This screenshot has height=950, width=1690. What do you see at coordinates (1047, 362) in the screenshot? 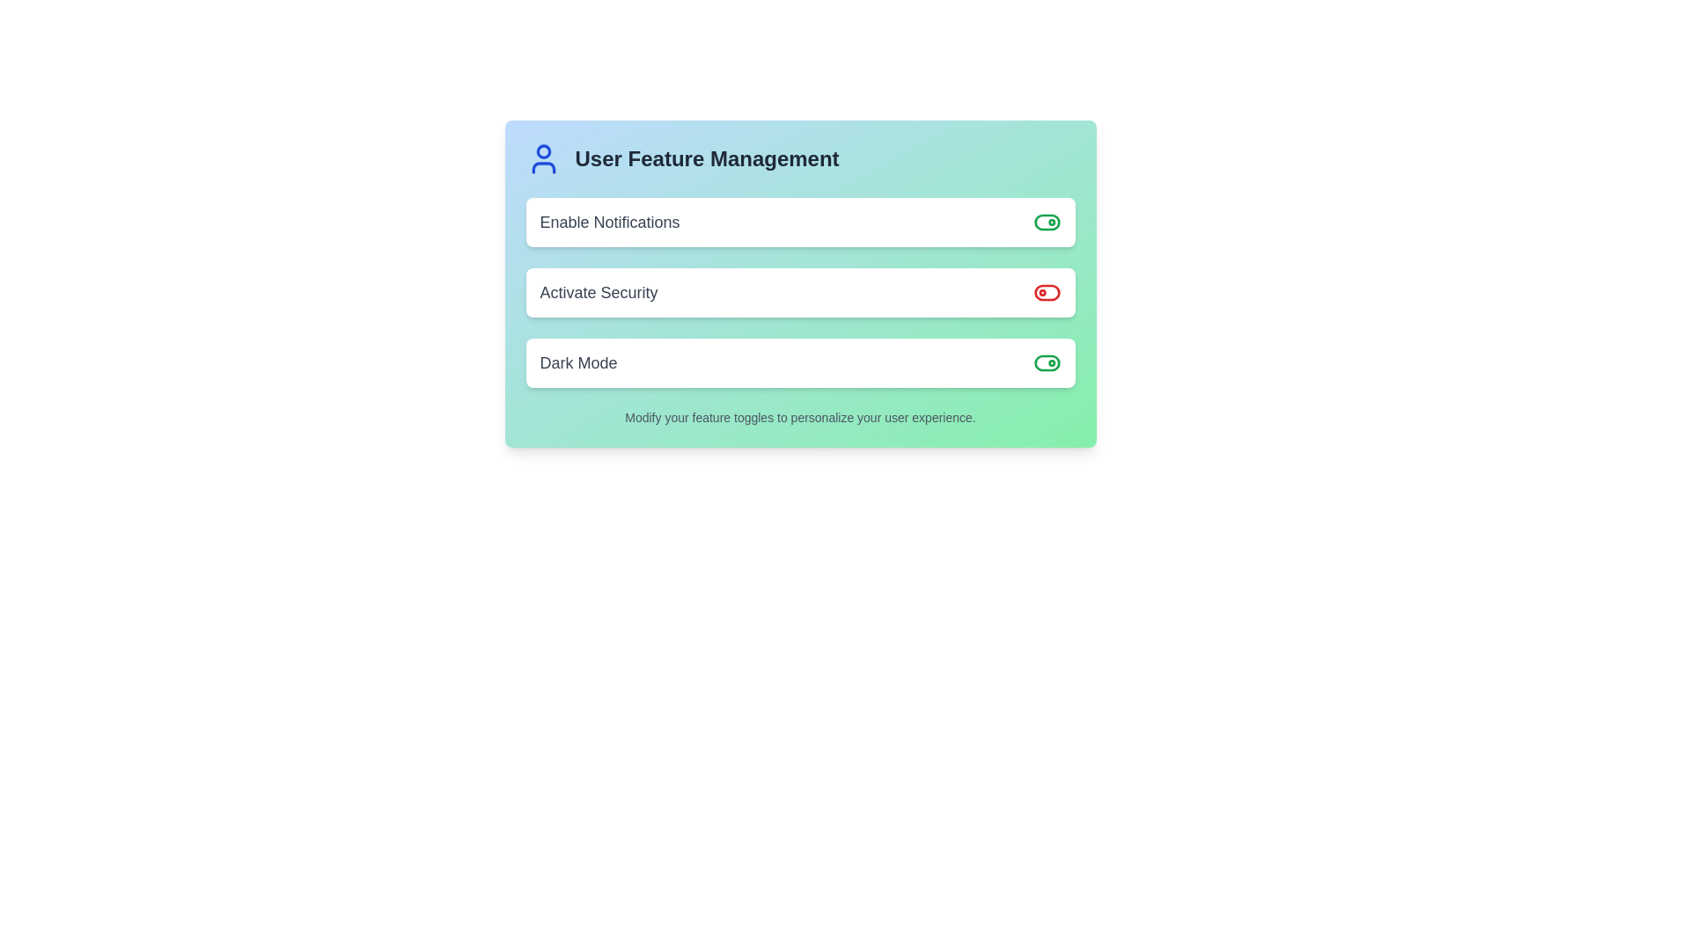
I see `the 'Dark Mode' toggle switch located in the bottom-right corner of its card` at bounding box center [1047, 362].